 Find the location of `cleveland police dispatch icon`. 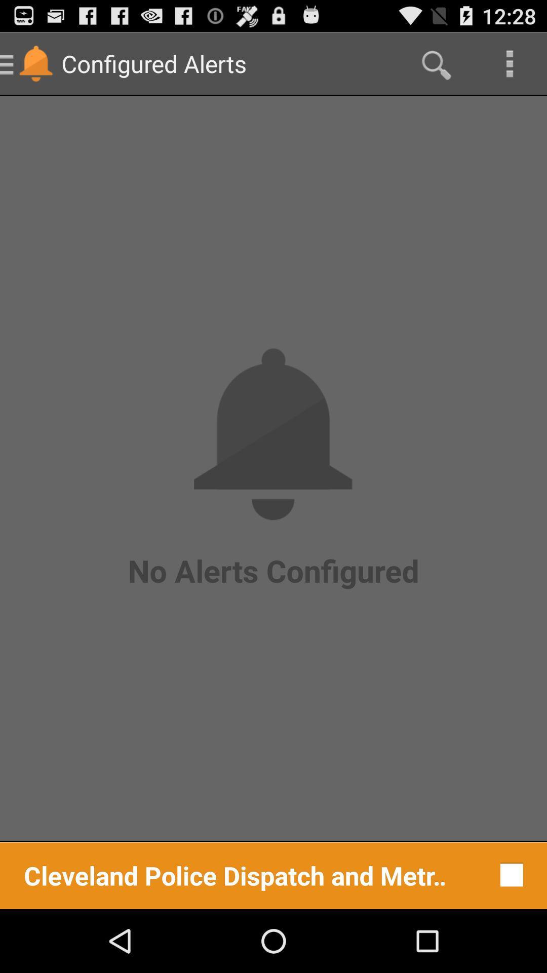

cleveland police dispatch icon is located at coordinates (236, 874).